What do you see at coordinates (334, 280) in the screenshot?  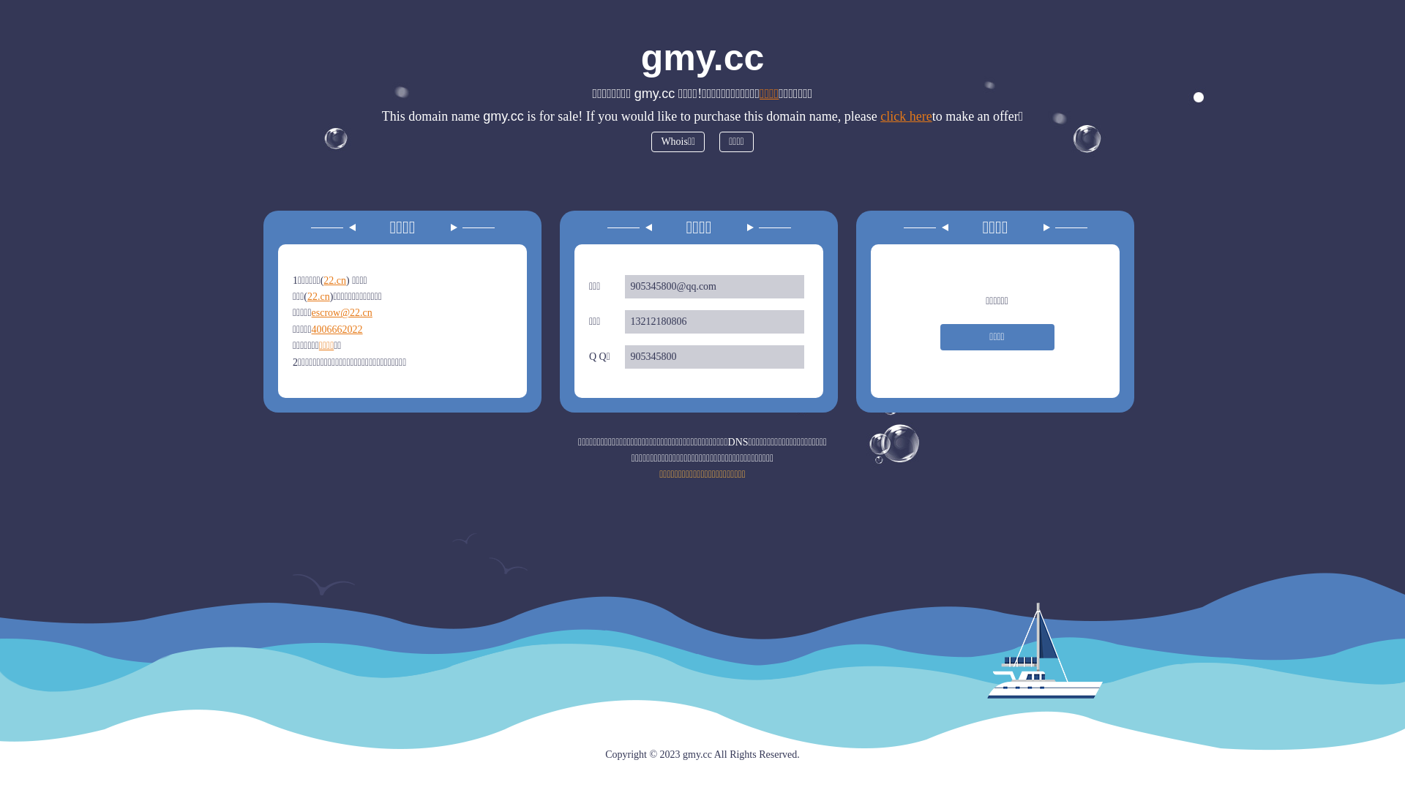 I see `'22.cn'` at bounding box center [334, 280].